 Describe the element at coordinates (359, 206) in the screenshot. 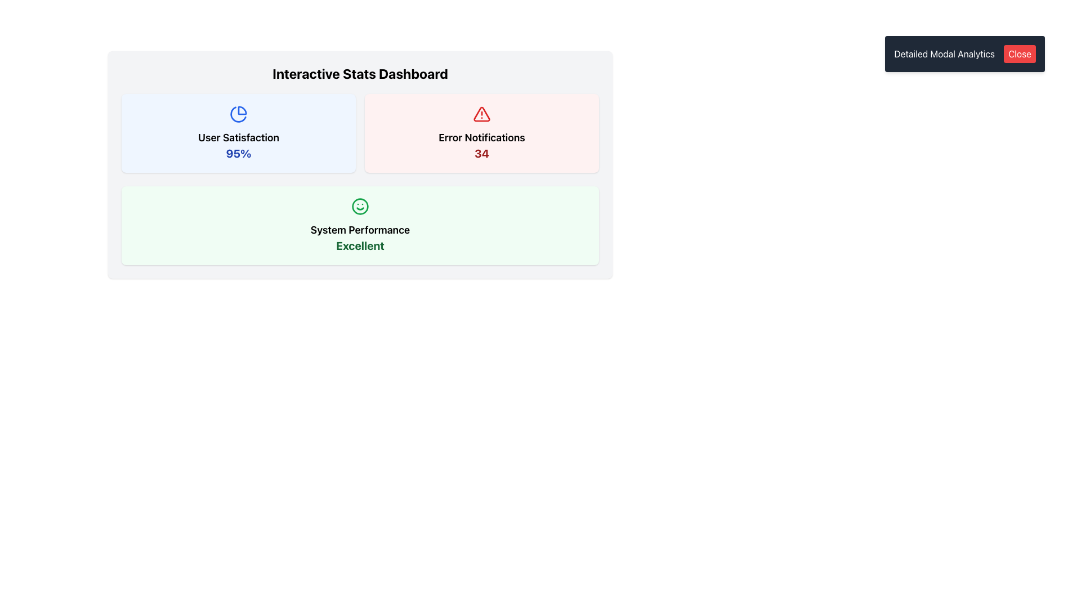

I see `the circular graphic element located inside the smiley face icon within the 'System Performance Excellent' panel of the 'Interactive Stats Dashboard'` at that location.